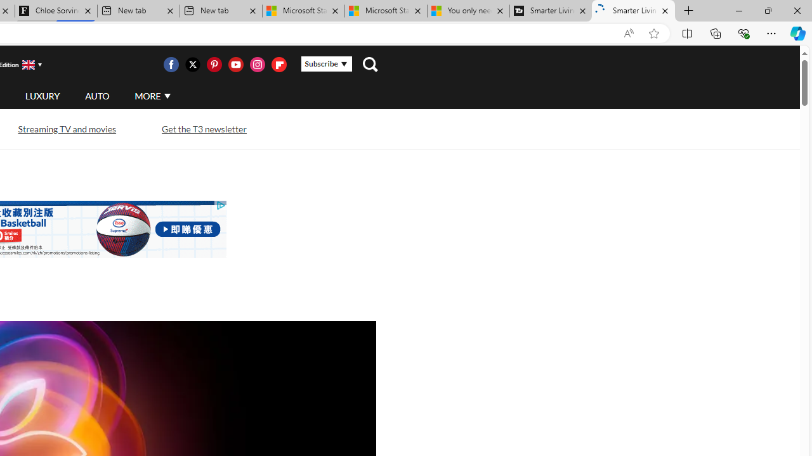  Describe the element at coordinates (96, 95) in the screenshot. I see `'AUTO'` at that location.